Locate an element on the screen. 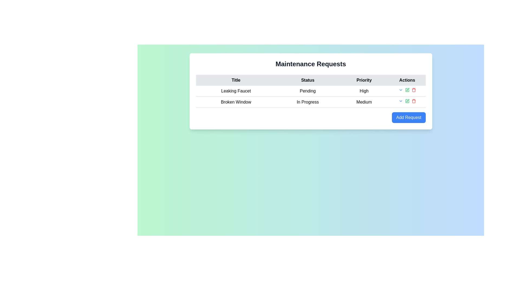 Image resolution: width=520 pixels, height=292 pixels. text content of the 'Priority' header label in the table column, which is the third label in the header row between 'Status' and 'Actions' is located at coordinates (364, 80).